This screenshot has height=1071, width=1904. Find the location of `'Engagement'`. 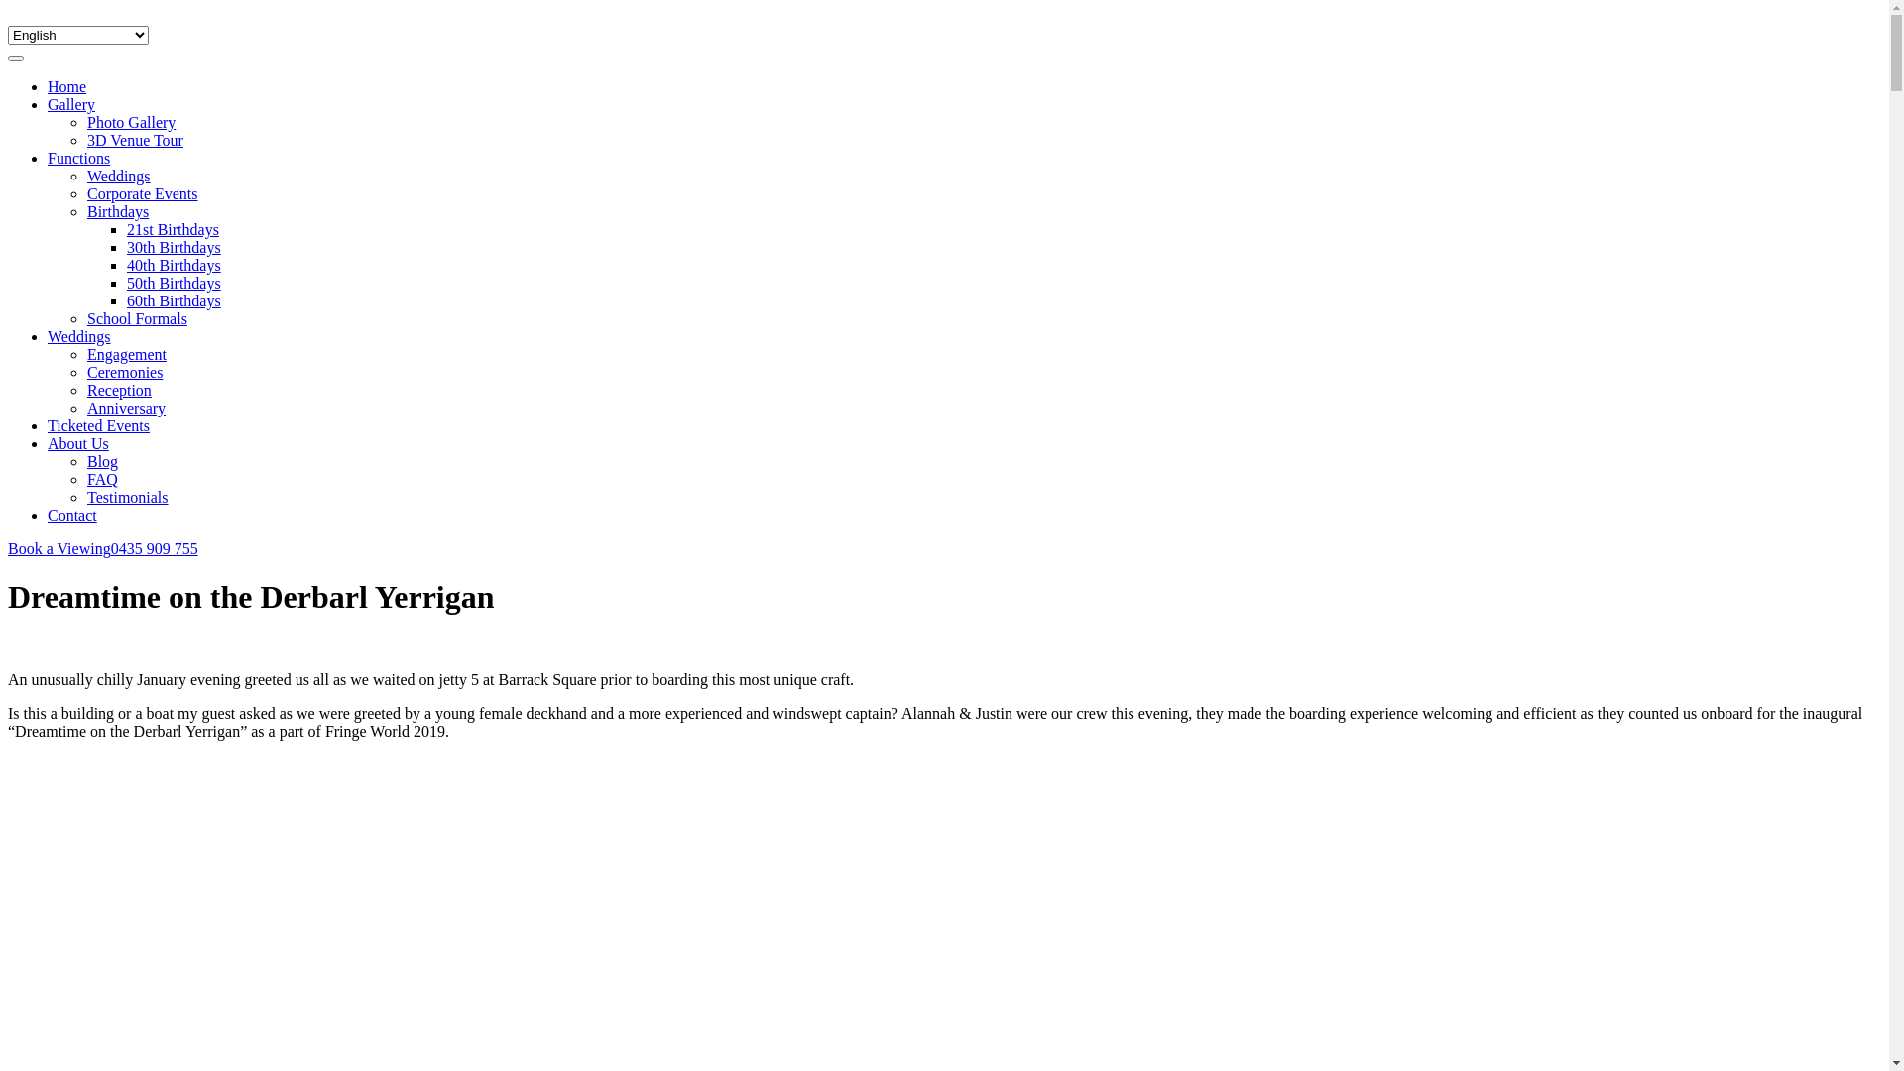

'Engagement' is located at coordinates (126, 353).